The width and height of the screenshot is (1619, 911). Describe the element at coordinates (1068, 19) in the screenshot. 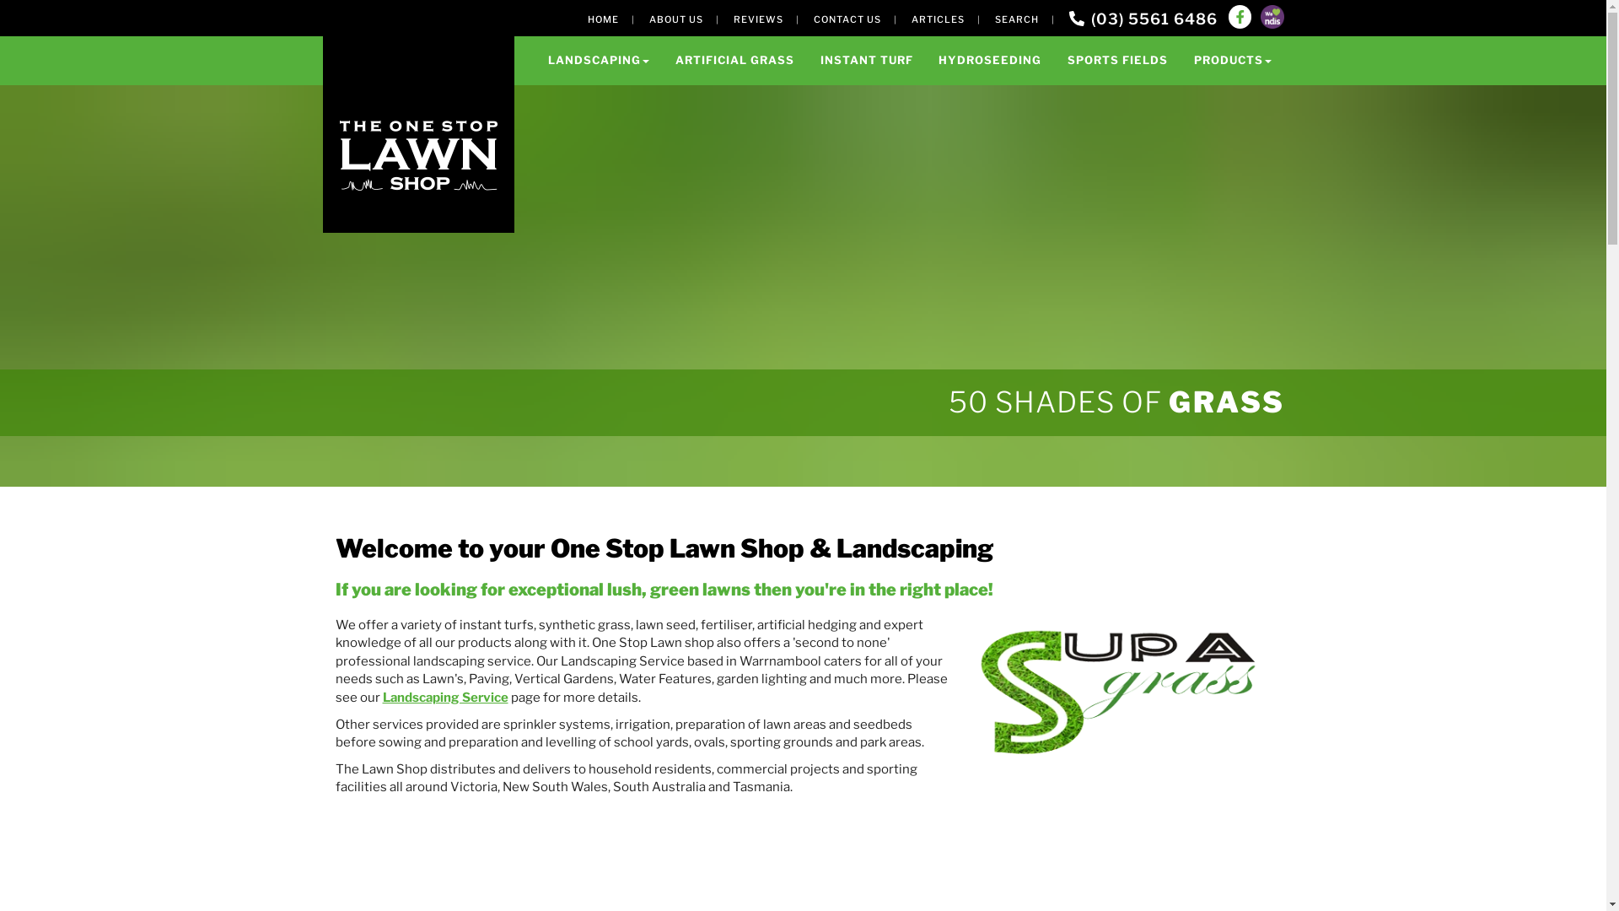

I see `'(03) 5561 6486'` at that location.